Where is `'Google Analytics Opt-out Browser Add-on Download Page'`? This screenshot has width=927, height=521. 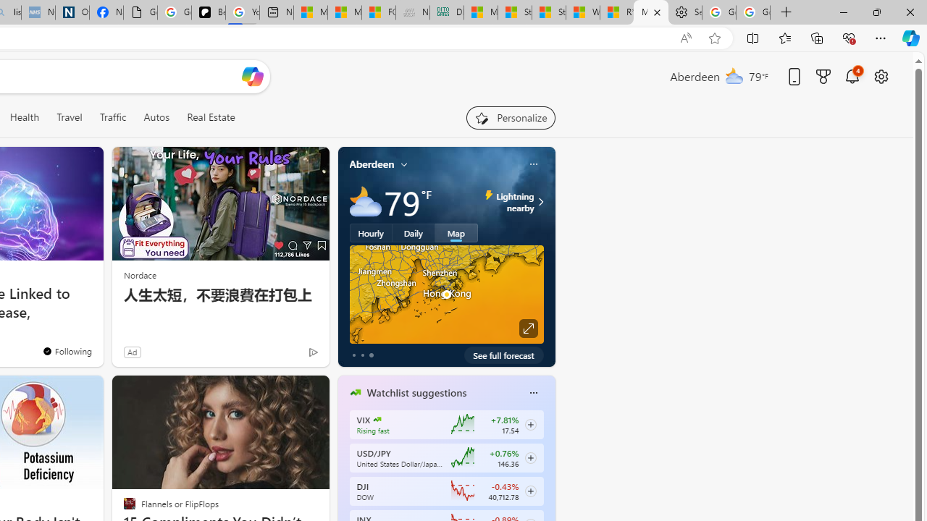 'Google Analytics Opt-out Browser Add-on Download Page' is located at coordinates (140, 12).